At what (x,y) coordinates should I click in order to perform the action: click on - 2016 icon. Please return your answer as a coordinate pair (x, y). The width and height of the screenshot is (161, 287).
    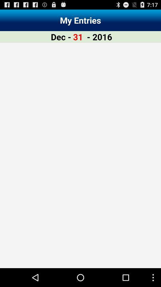
    Looking at the image, I should click on (99, 36).